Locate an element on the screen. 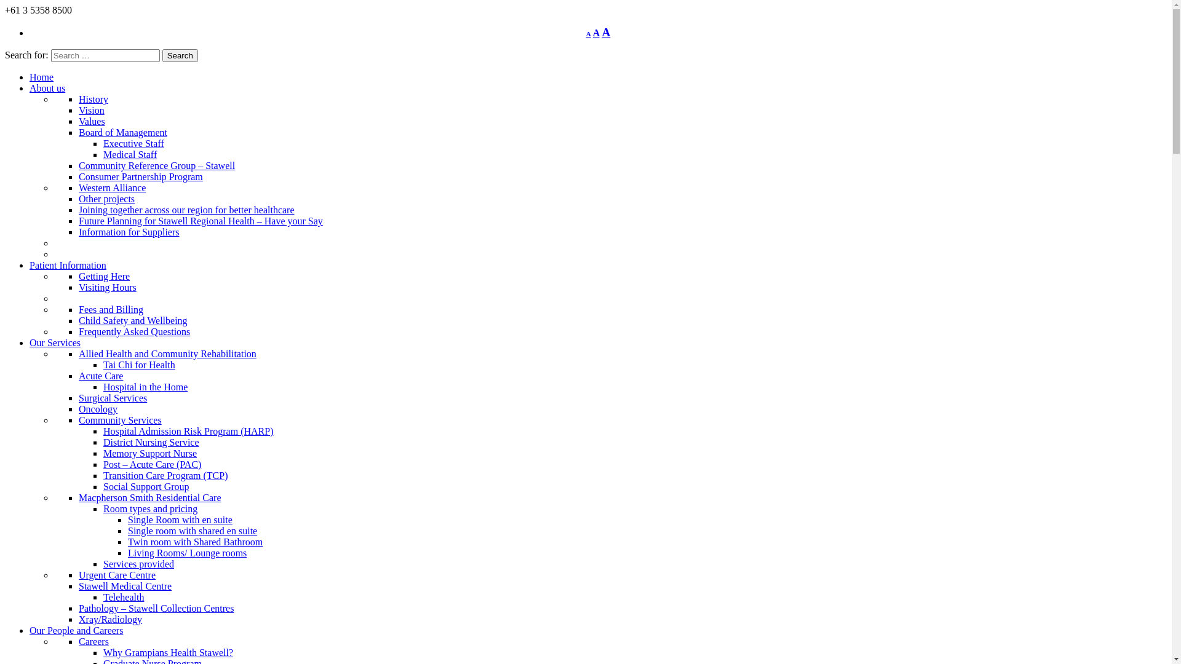  'Board of Management' is located at coordinates (123, 132).